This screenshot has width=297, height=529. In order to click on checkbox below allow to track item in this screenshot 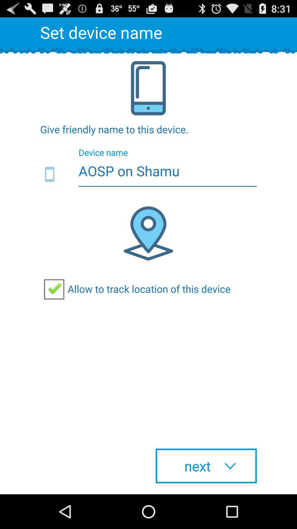, I will do `click(206, 466)`.